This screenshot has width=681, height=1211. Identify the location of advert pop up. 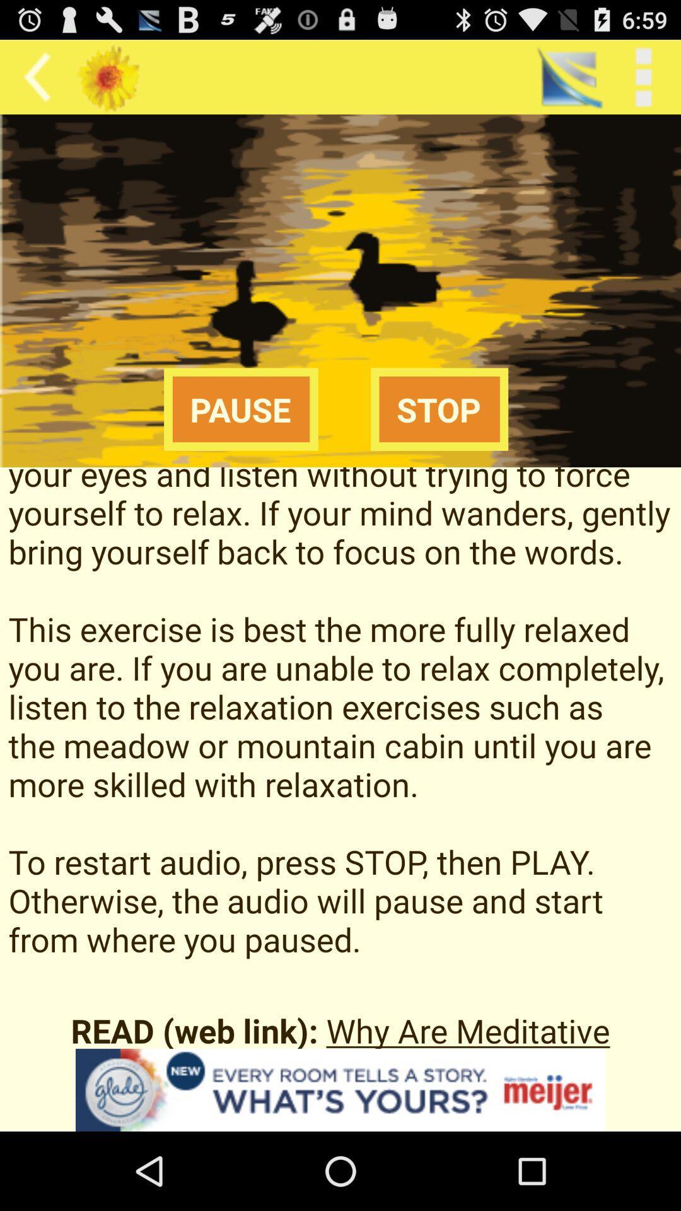
(340, 1089).